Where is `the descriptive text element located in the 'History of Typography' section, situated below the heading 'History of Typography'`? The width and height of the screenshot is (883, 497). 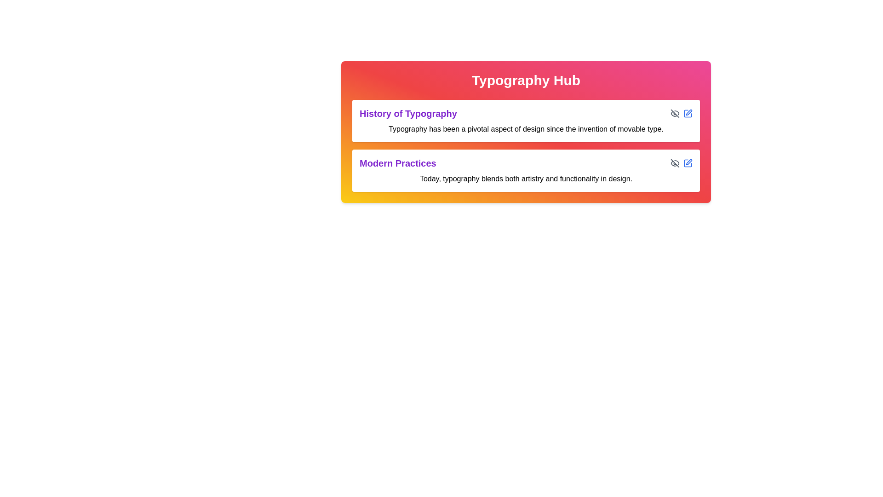 the descriptive text element located in the 'History of Typography' section, situated below the heading 'History of Typography' is located at coordinates (526, 129).